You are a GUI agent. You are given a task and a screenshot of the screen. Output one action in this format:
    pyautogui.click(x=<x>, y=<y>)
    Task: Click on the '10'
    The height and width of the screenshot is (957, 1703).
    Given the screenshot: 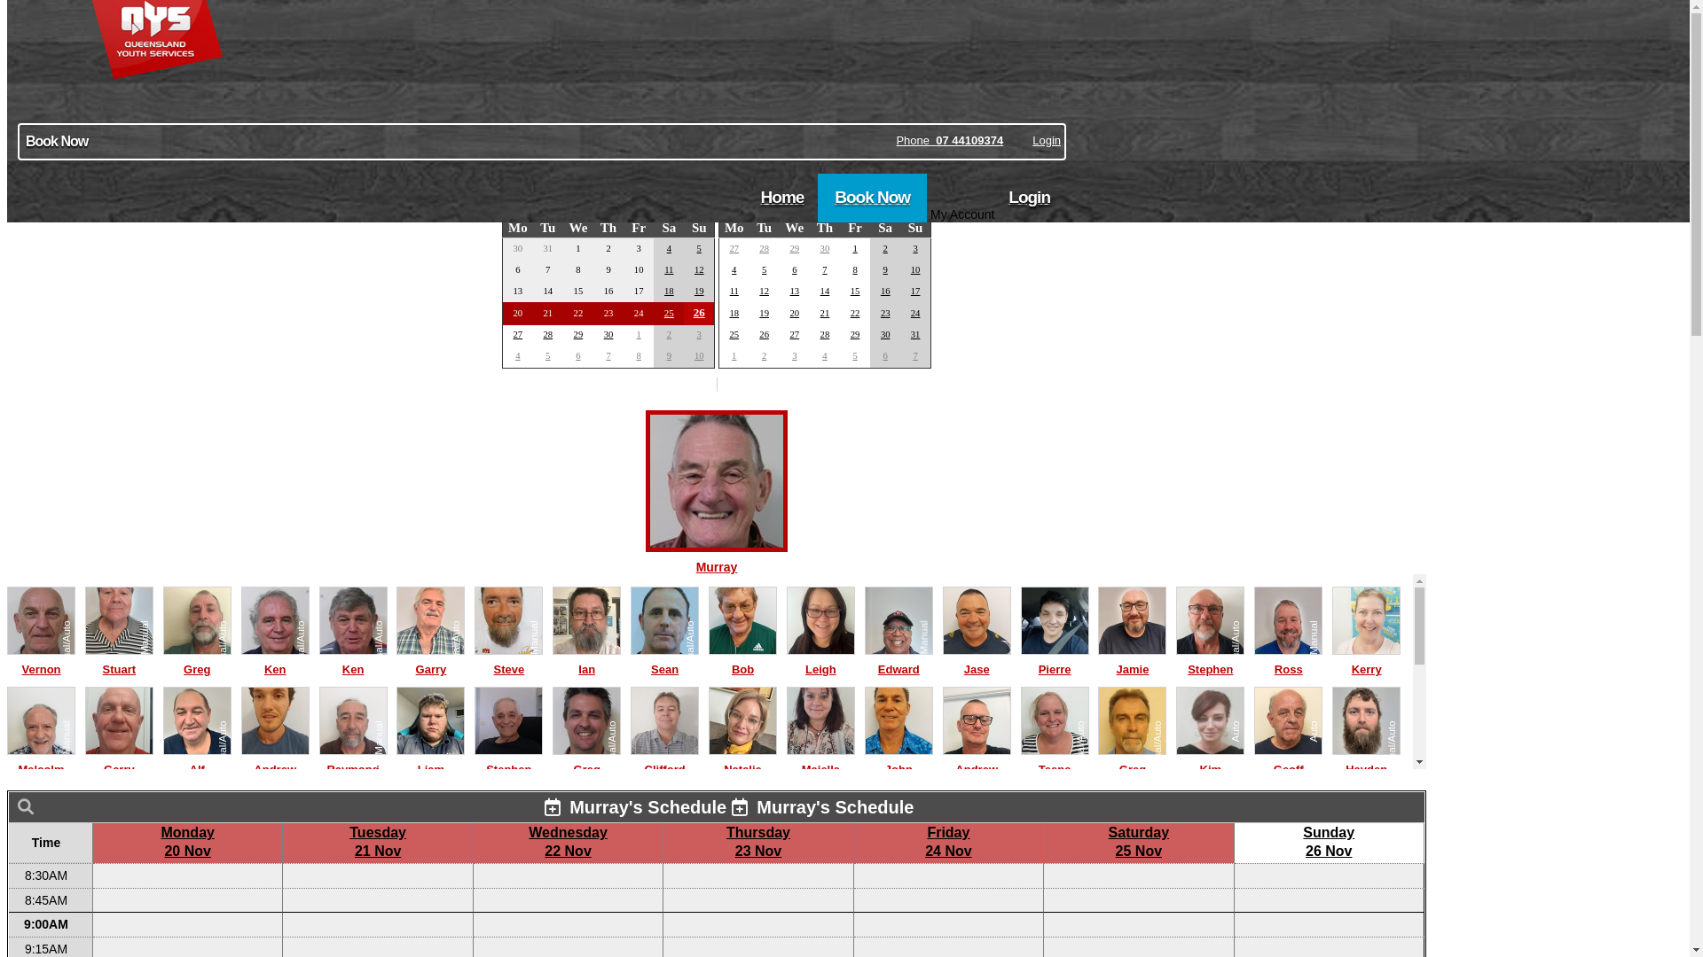 What is the action you would take?
    pyautogui.click(x=915, y=269)
    